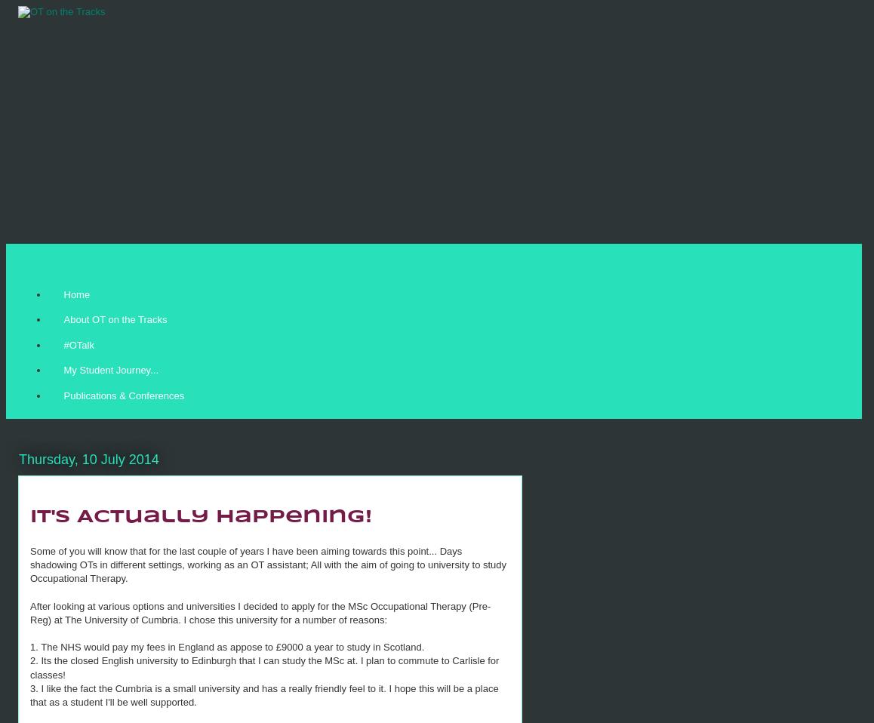 Image resolution: width=874 pixels, height=723 pixels. Describe the element at coordinates (114, 319) in the screenshot. I see `'About OT on the Tracks'` at that location.